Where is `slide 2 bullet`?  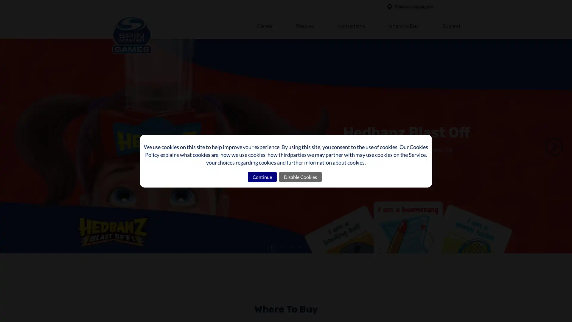 slide 2 bullet is located at coordinates (281, 247).